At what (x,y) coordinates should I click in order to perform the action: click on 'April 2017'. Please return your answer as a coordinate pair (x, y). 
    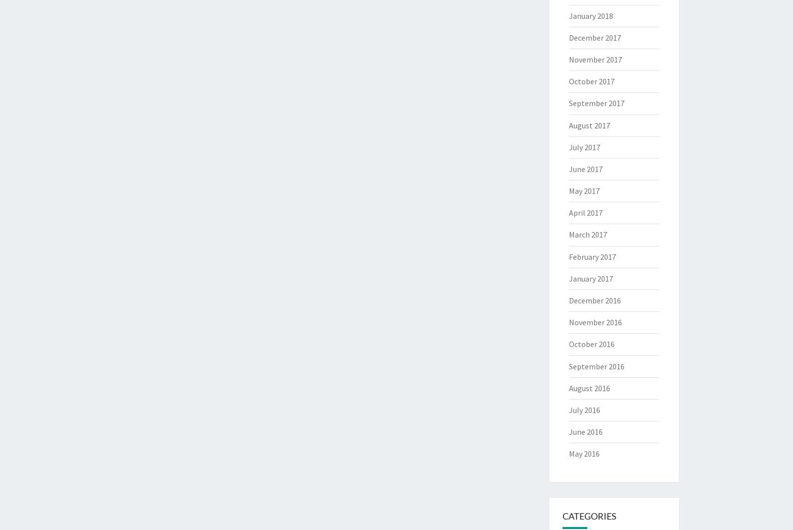
    Looking at the image, I should click on (568, 212).